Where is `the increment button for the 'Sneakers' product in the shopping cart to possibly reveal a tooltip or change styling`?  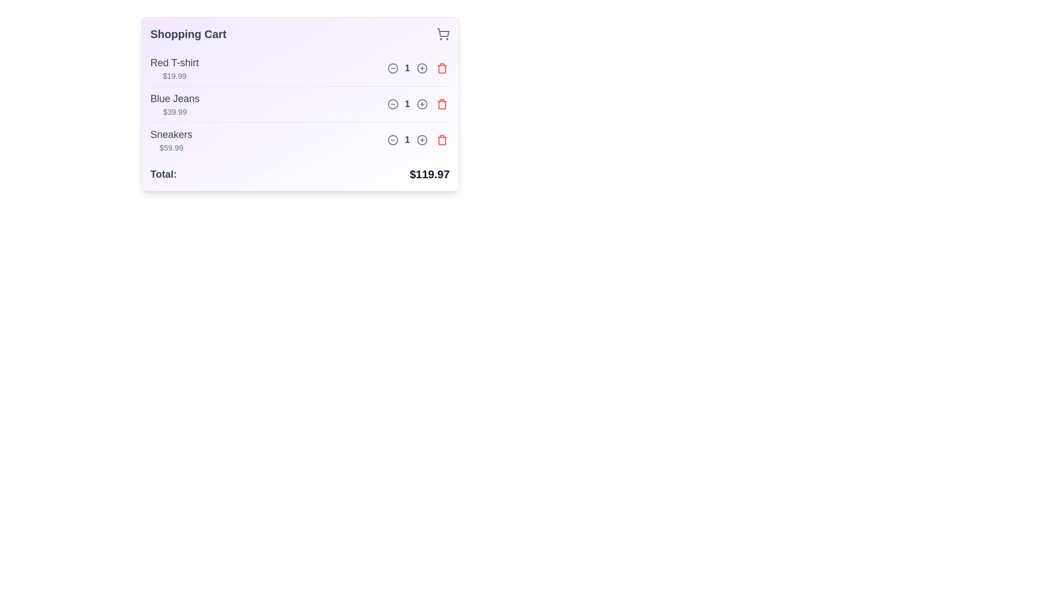
the increment button for the 'Sneakers' product in the shopping cart to possibly reveal a tooltip or change styling is located at coordinates (421, 140).